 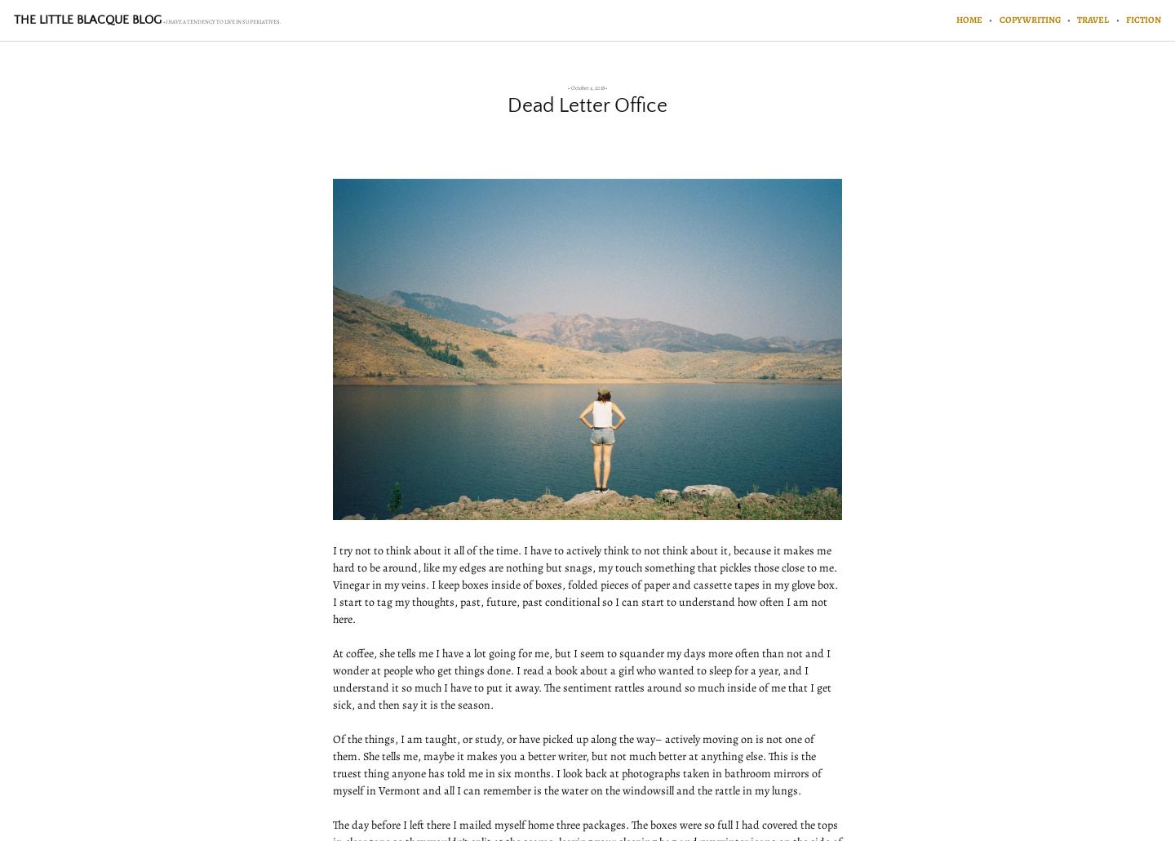 I want to click on 'Of the things, I am taught, or study, or have picked up along the way– actively moving on is not one of them. She tells me, maybe it makes you a better writer, but not much better at anything else. This is the truest thing anyone has told me in six months. I look back at photographs taken in bathroom mirrors of myself in Vermont and all I can remember is the water on the windowsill and the rattle in my lungs.', so click(x=577, y=763).